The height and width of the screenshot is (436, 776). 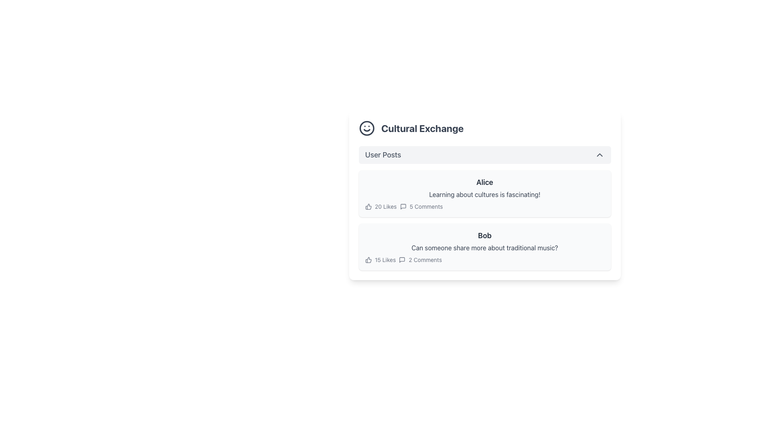 I want to click on textual content of the Text element displaying 'Can someone share more about traditional music?' located in the User Posts section under the Cultural Exchange header, so click(x=485, y=247).